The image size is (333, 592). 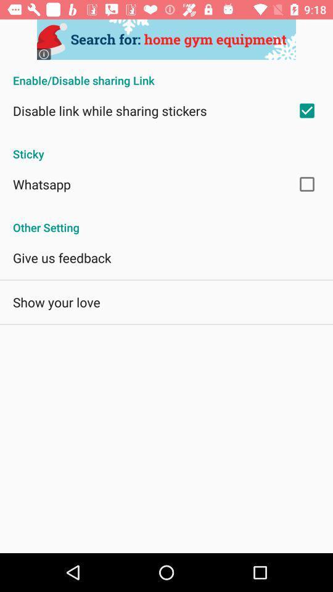 What do you see at coordinates (55, 302) in the screenshot?
I see `app below the give us feedback app` at bounding box center [55, 302].